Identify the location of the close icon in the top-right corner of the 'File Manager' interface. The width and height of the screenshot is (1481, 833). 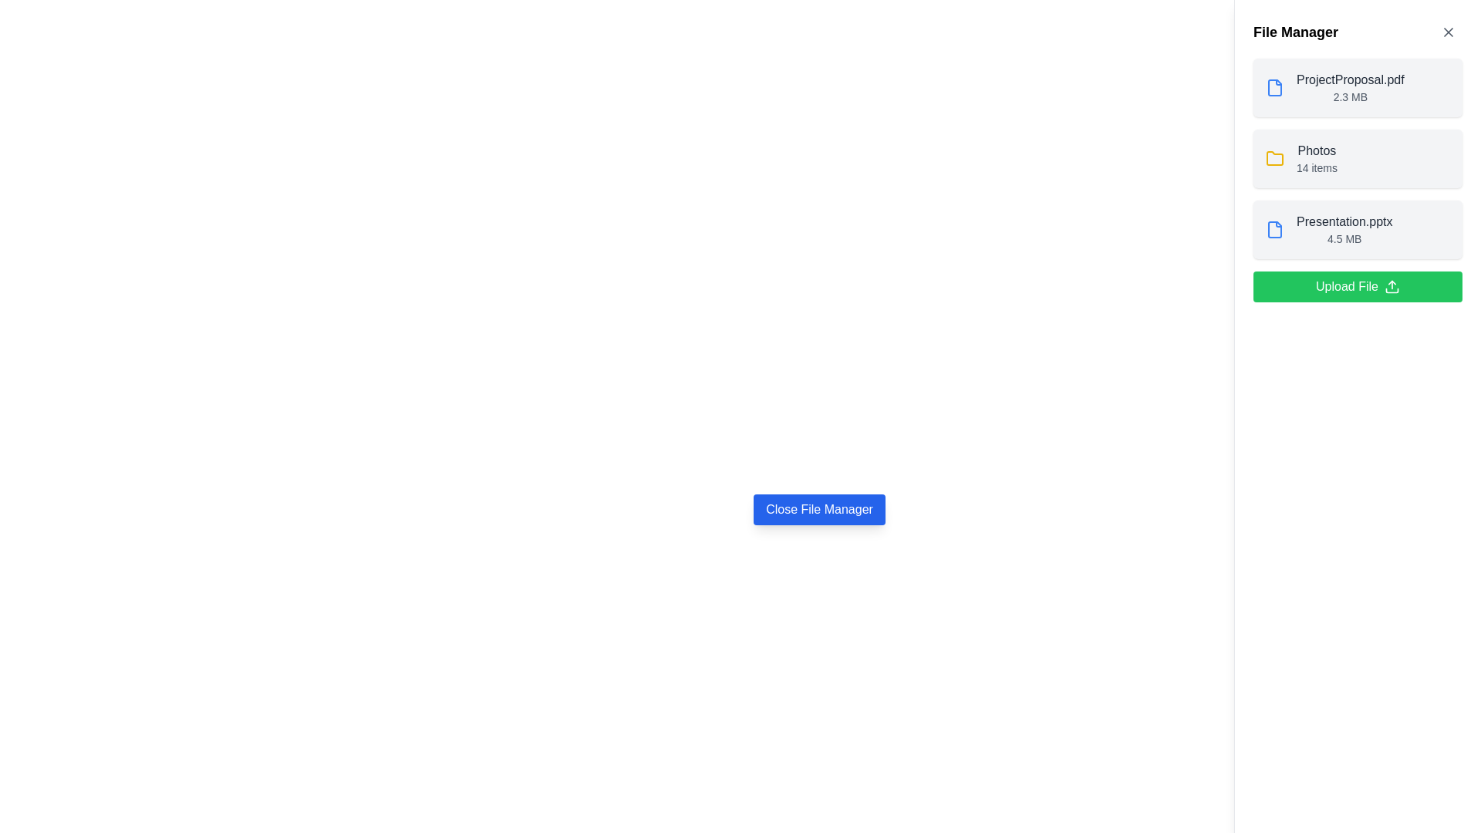
(1447, 32).